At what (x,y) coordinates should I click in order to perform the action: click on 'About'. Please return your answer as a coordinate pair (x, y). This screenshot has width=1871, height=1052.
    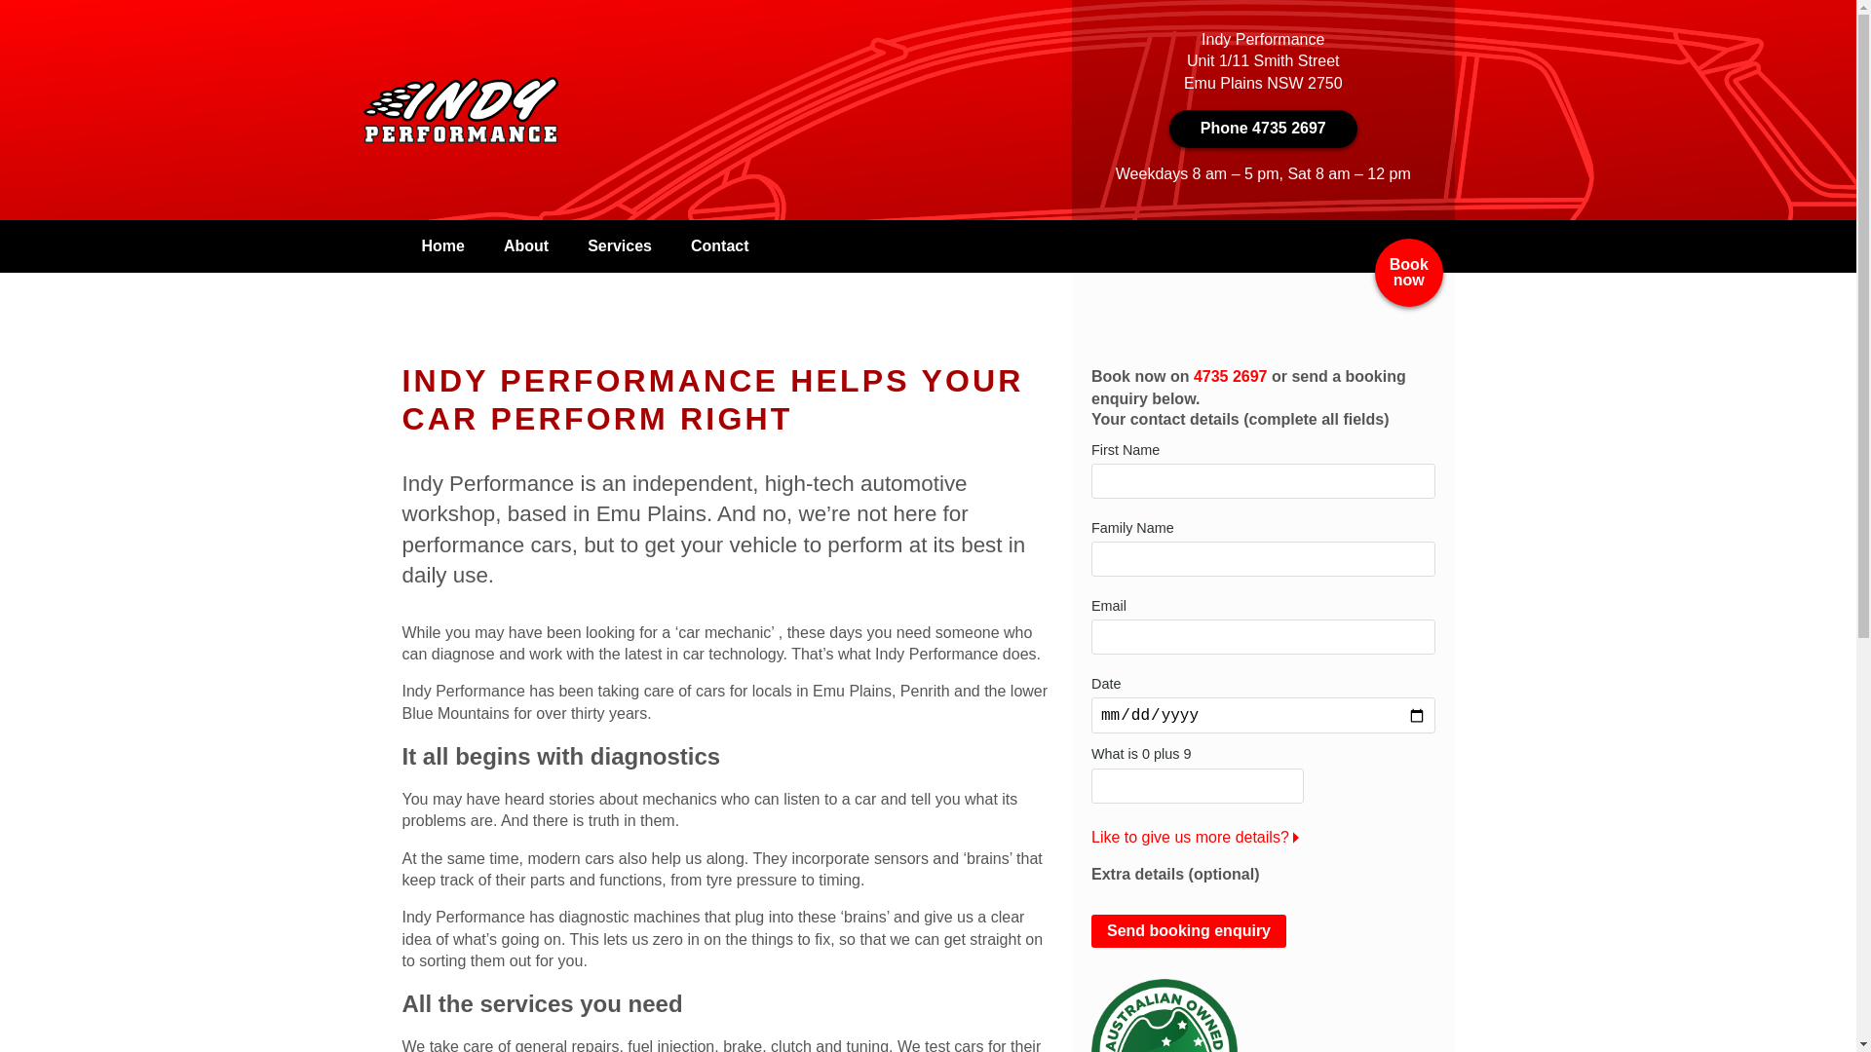
    Looking at the image, I should click on (525, 245).